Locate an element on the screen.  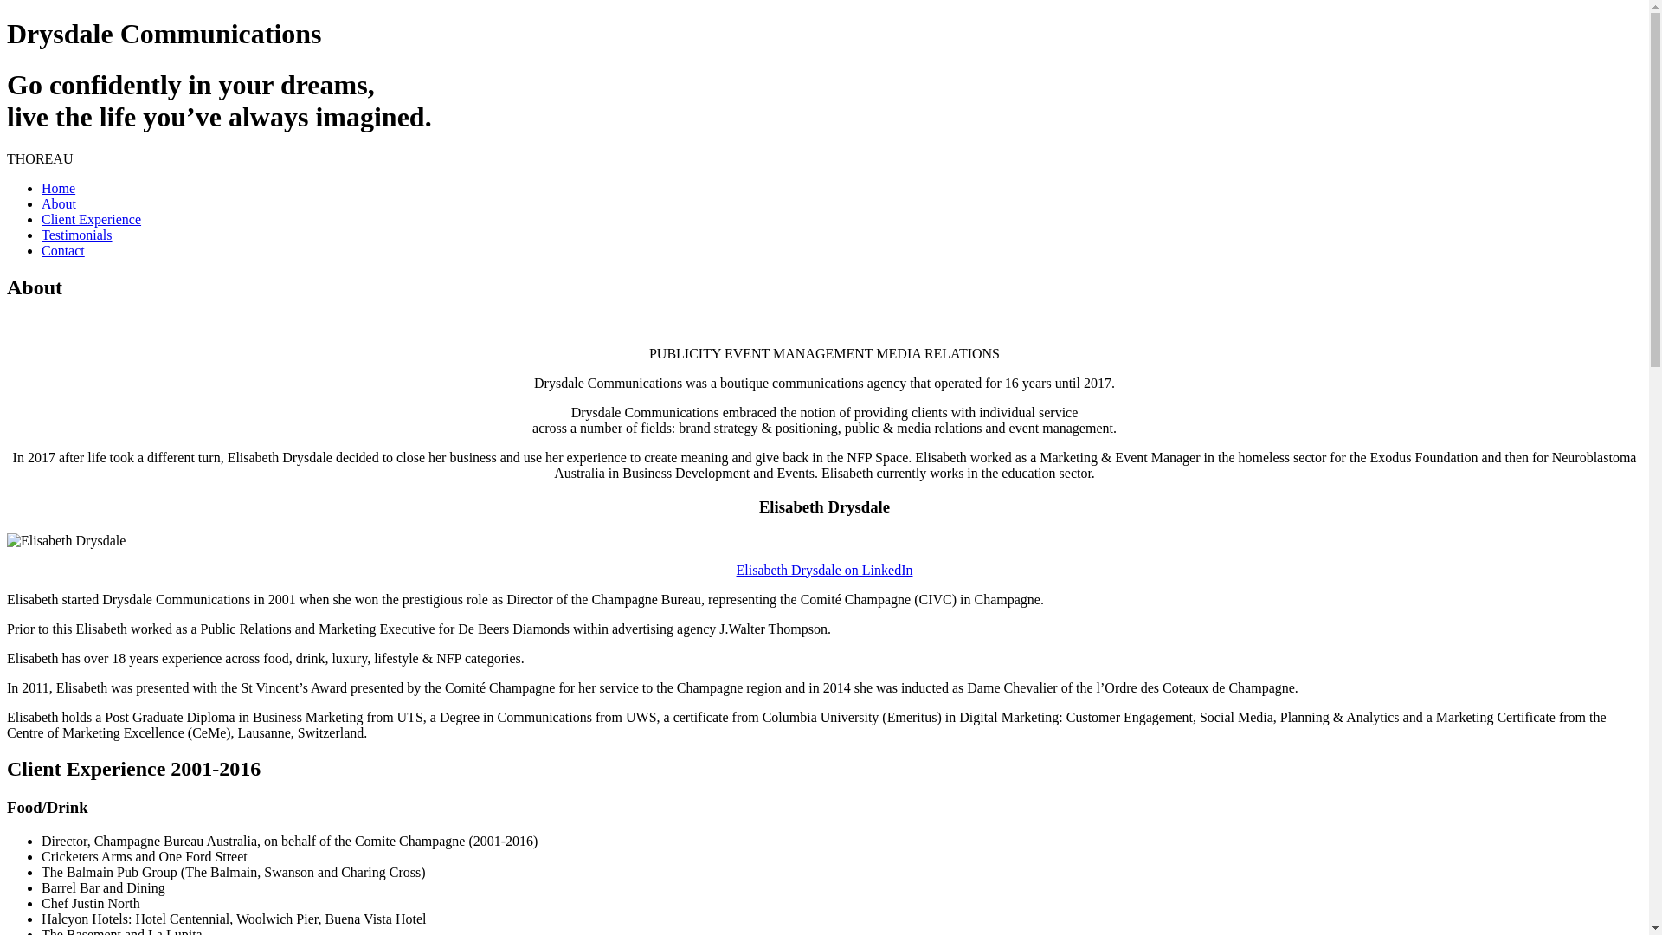
'Testimonials' is located at coordinates (76, 235).